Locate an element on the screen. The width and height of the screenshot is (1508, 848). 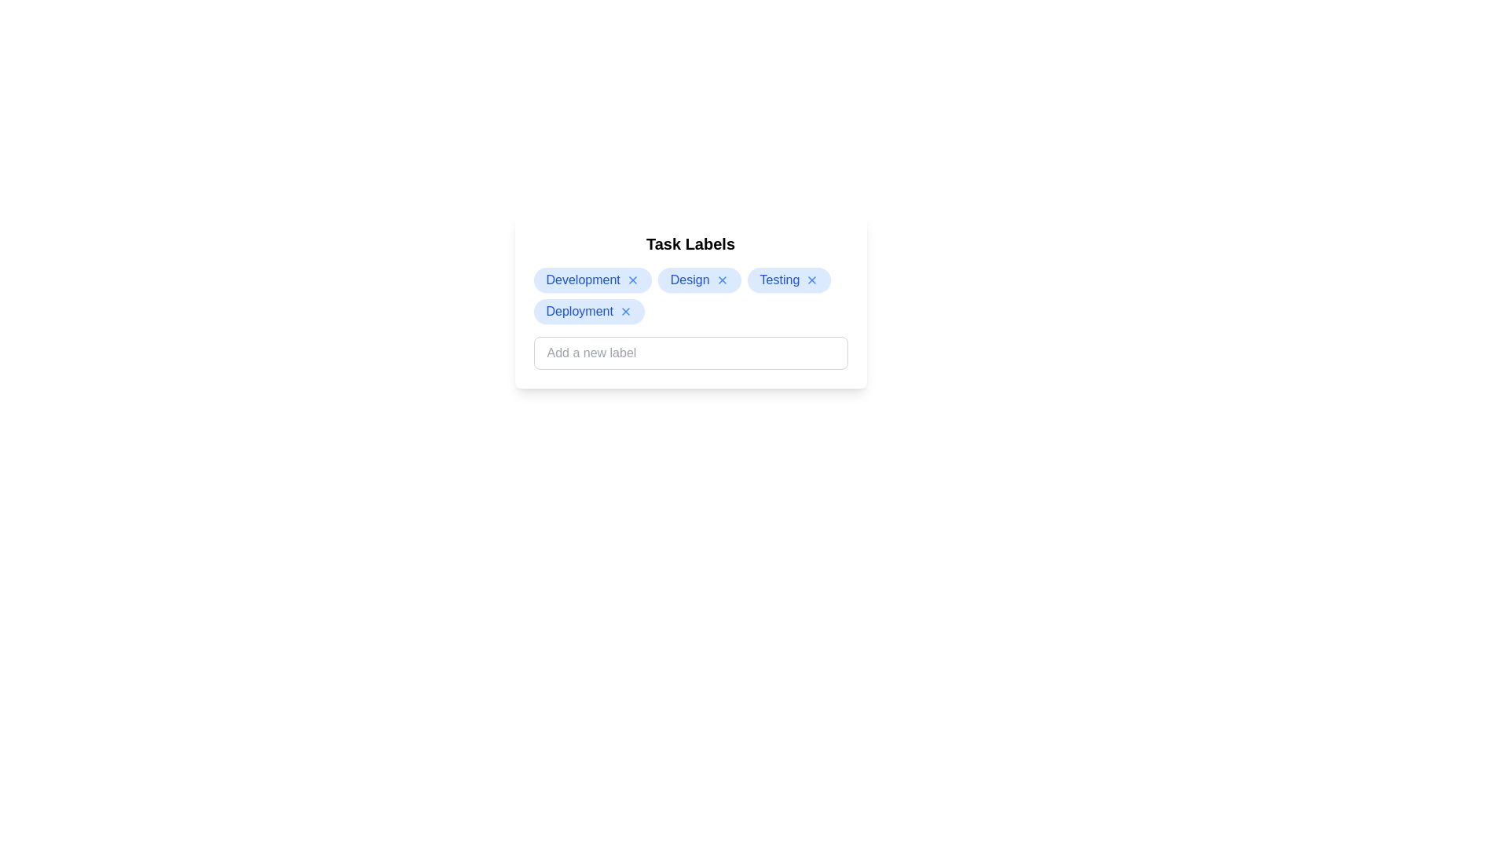
the interactive deletion button located on the right side of the 'Design' label is located at coordinates (721, 280).